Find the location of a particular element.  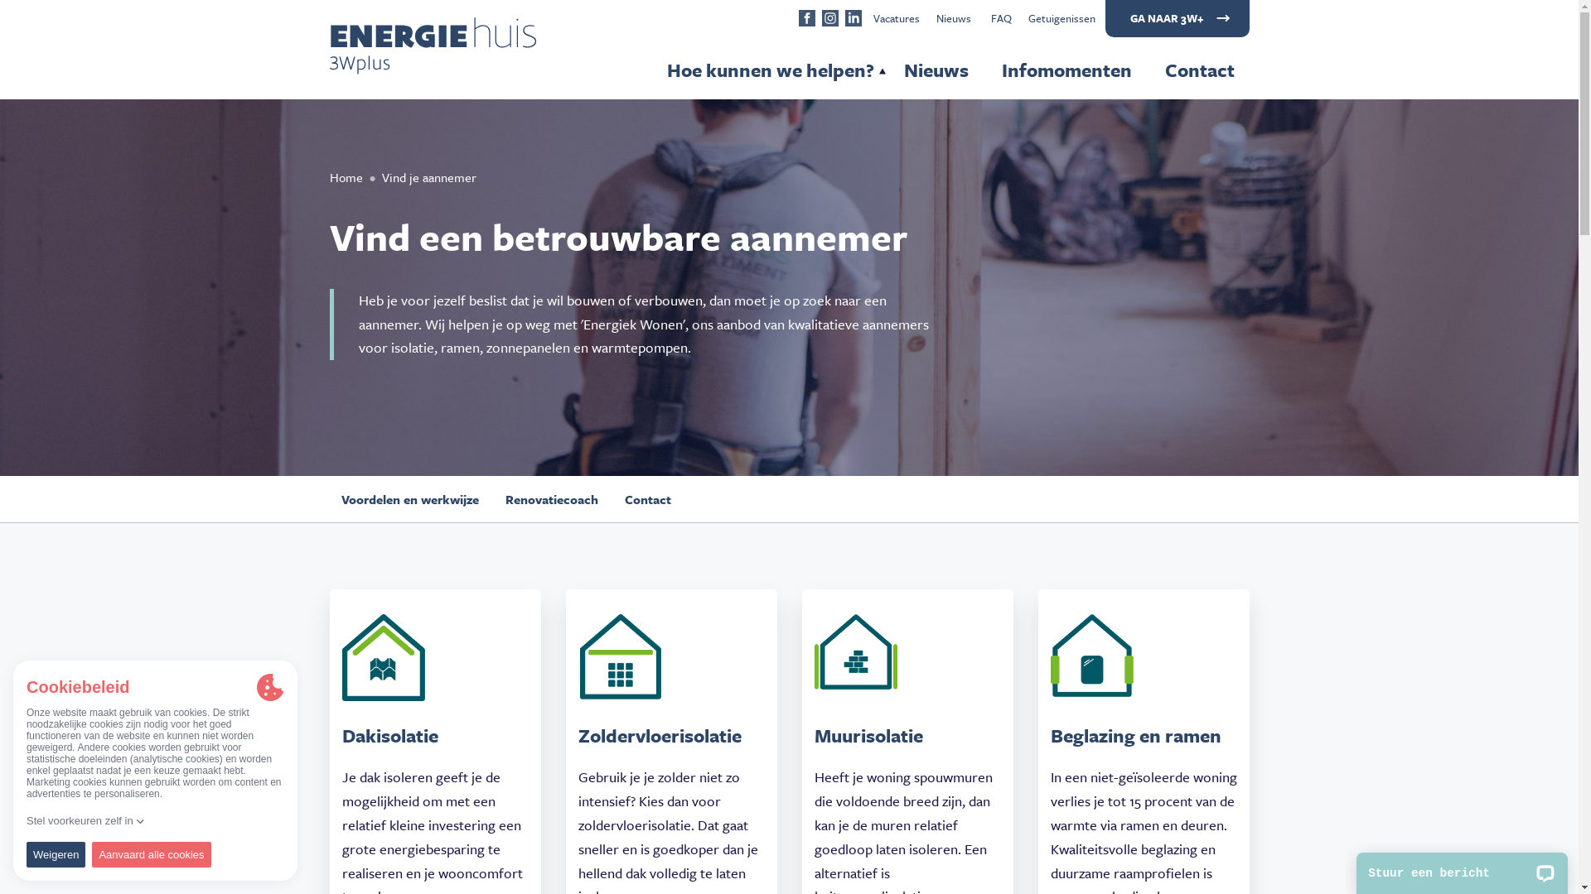

'Getuigenissen' is located at coordinates (1061, 18).